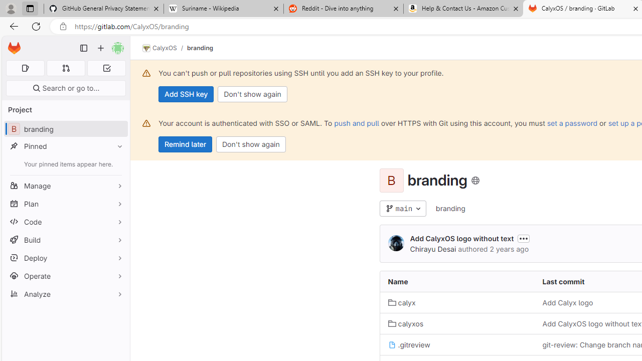  What do you see at coordinates (25, 68) in the screenshot?
I see `'Assigned issues 0'` at bounding box center [25, 68].